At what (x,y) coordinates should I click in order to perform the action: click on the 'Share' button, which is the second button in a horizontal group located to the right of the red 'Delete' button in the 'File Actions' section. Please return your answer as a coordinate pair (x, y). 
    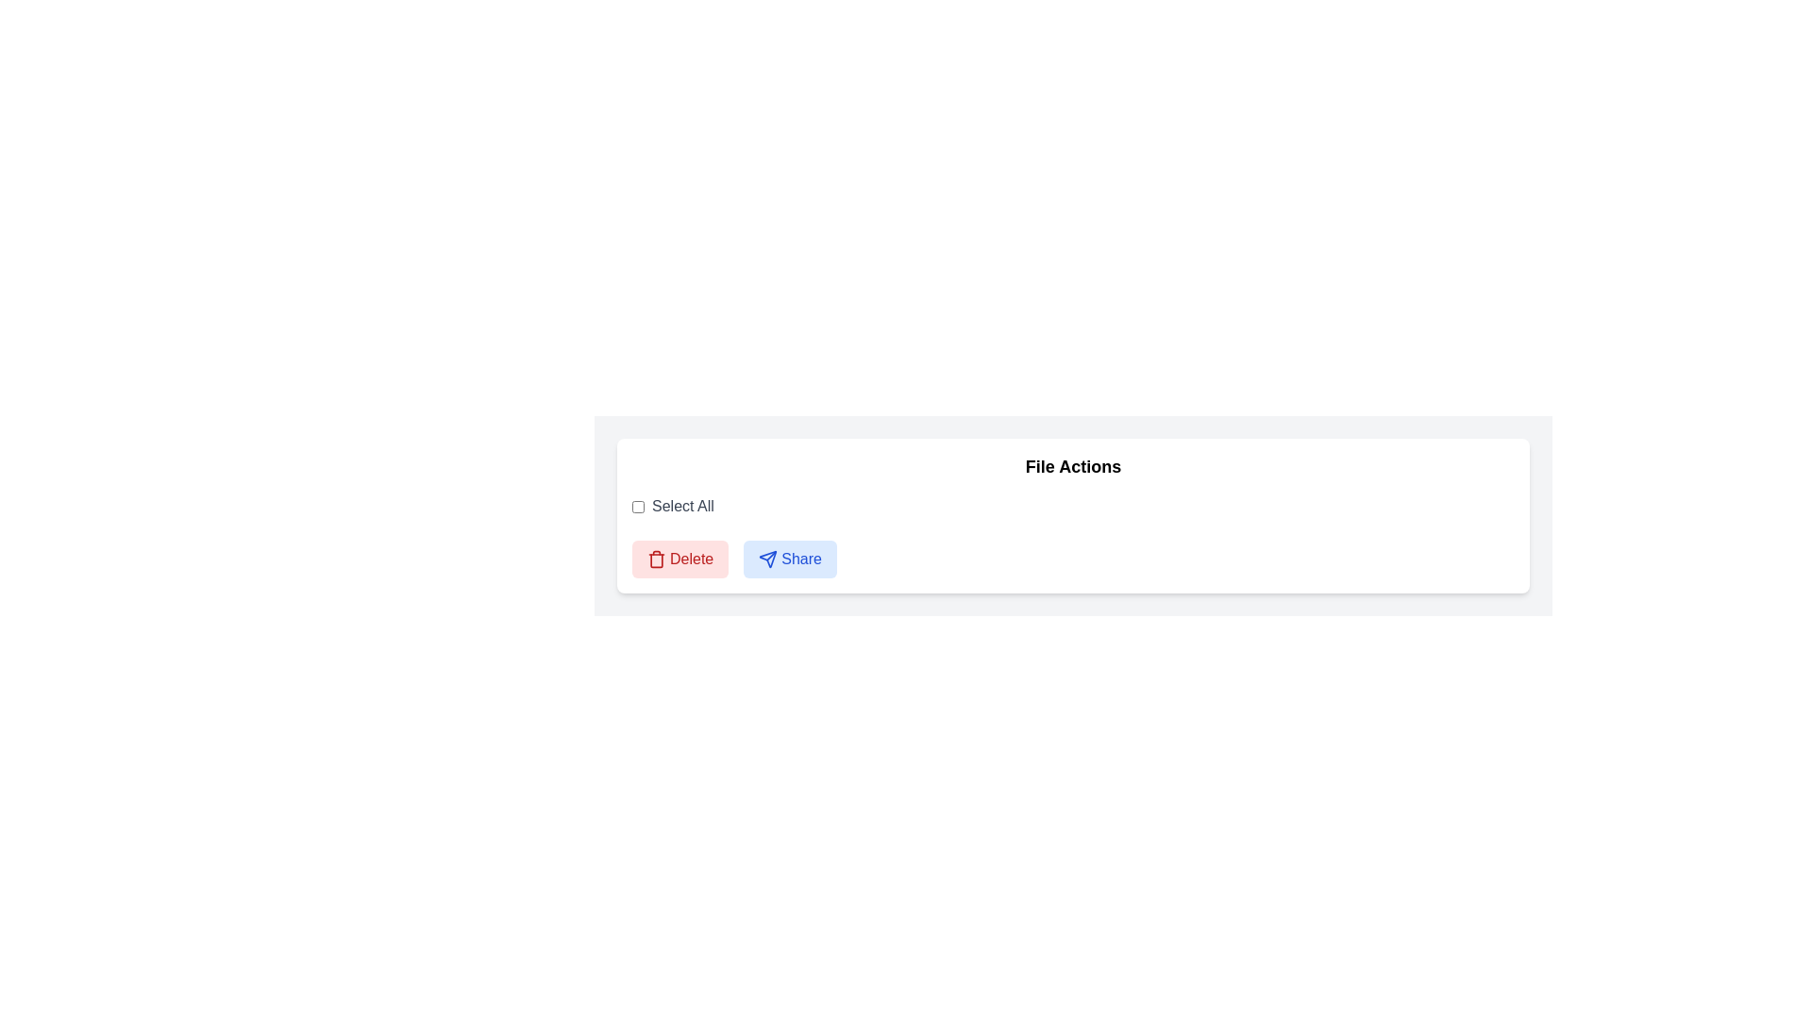
    Looking at the image, I should click on (790, 559).